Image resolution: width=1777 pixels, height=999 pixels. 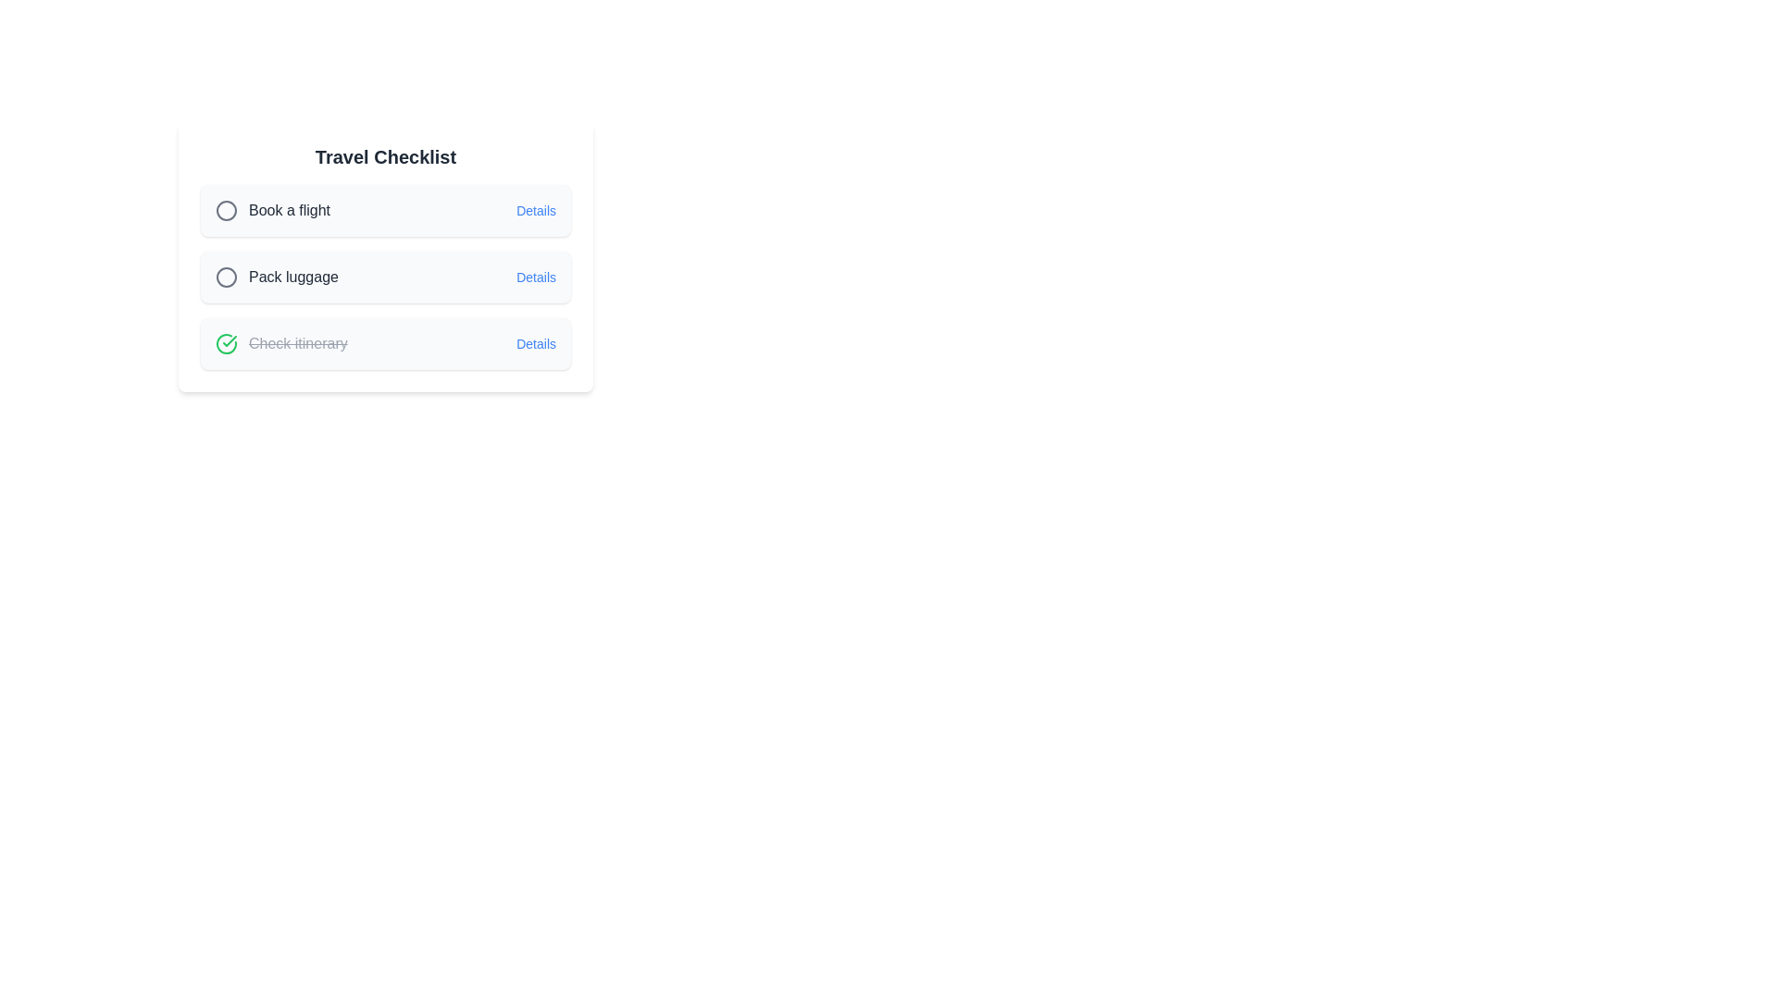 What do you see at coordinates (535, 343) in the screenshot?
I see `the text label reading 'Details' which is styled with a blue font color and is aligned to the right of the 'Check itinerary' checklist entry in the 'Travel Checklist.'` at bounding box center [535, 343].